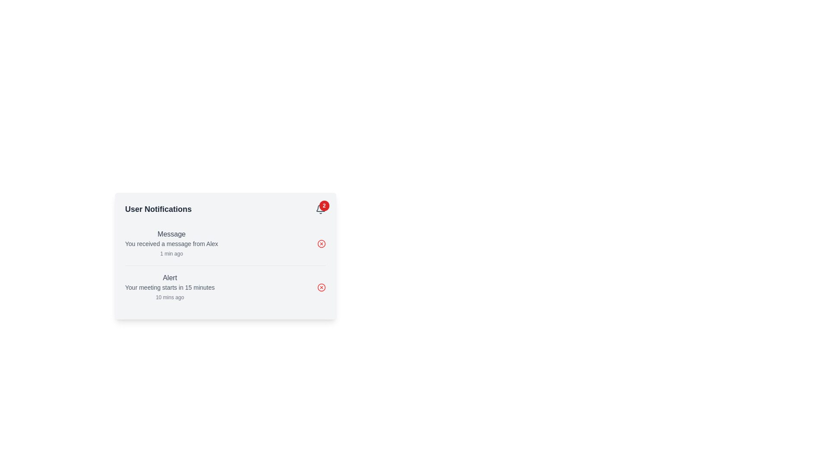 The height and width of the screenshot is (467, 830). I want to click on the static text label displaying 'Alert' in bold gray color, located within the 'User Notifications' card, so click(170, 278).